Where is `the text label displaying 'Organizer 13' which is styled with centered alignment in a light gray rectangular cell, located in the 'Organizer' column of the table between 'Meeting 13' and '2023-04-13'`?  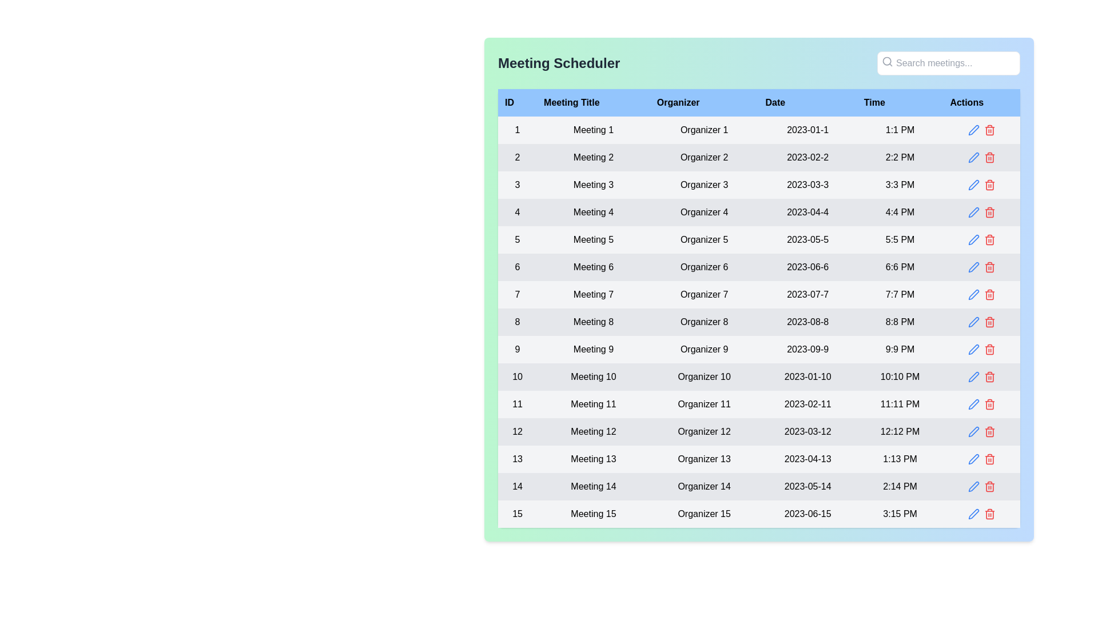
the text label displaying 'Organizer 13' which is styled with centered alignment in a light gray rectangular cell, located in the 'Organizer' column of the table between 'Meeting 13' and '2023-04-13' is located at coordinates (703, 458).